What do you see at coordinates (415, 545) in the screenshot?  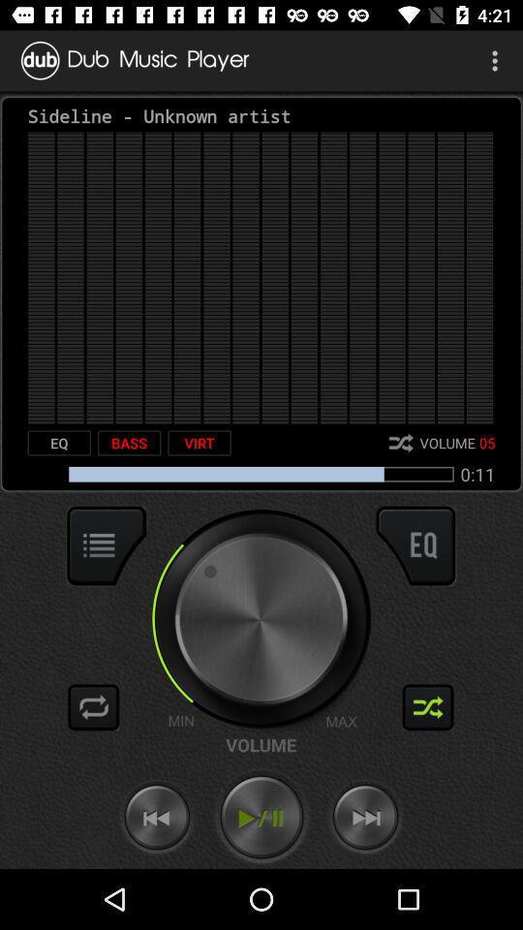 I see `switch eq option` at bounding box center [415, 545].